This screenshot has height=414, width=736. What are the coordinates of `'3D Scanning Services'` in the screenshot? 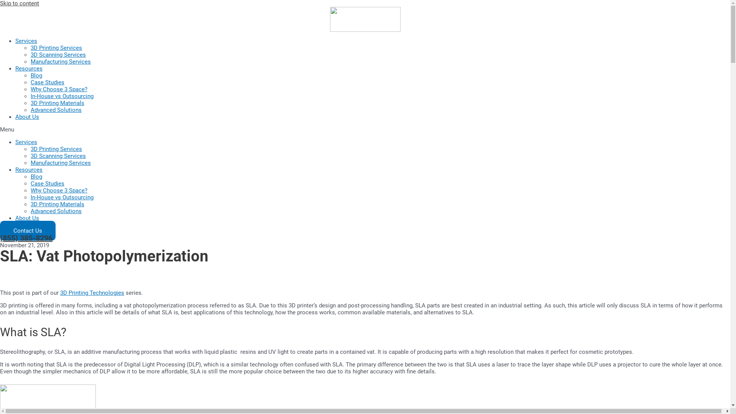 It's located at (31, 156).